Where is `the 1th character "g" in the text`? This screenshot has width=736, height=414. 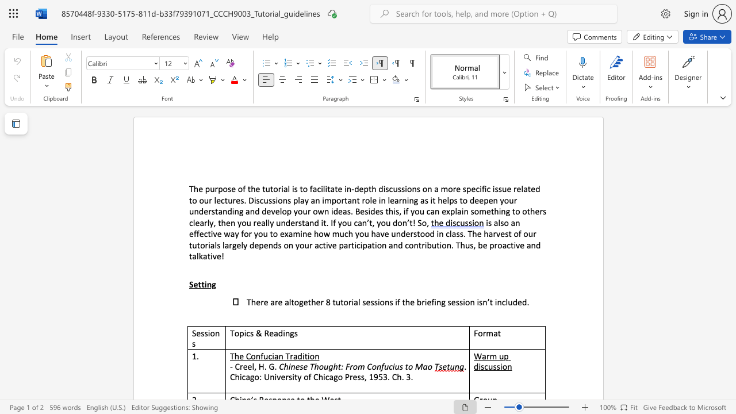
the 1th character "g" in the text is located at coordinates (415, 200).